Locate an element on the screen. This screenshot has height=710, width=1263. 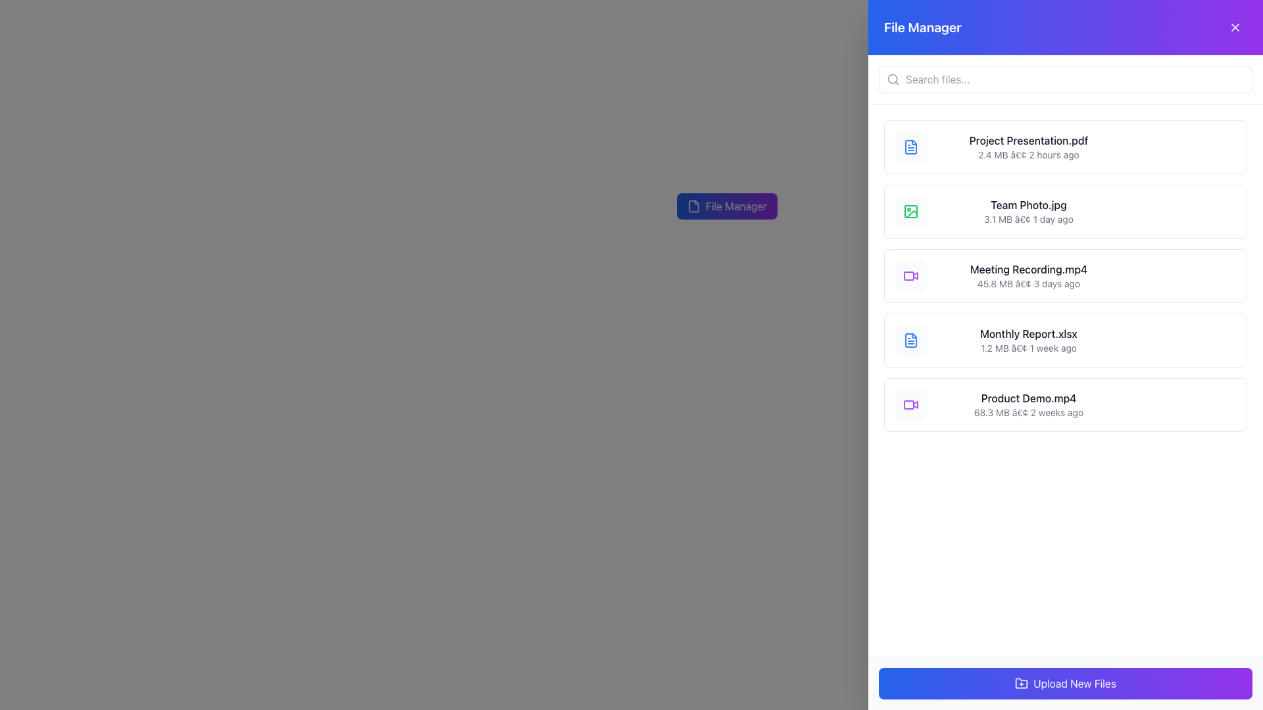
the text display element that shows metadata for the file 'Monthly Report.xlsx', which includes the file size and date, located below the file name is located at coordinates (1028, 347).